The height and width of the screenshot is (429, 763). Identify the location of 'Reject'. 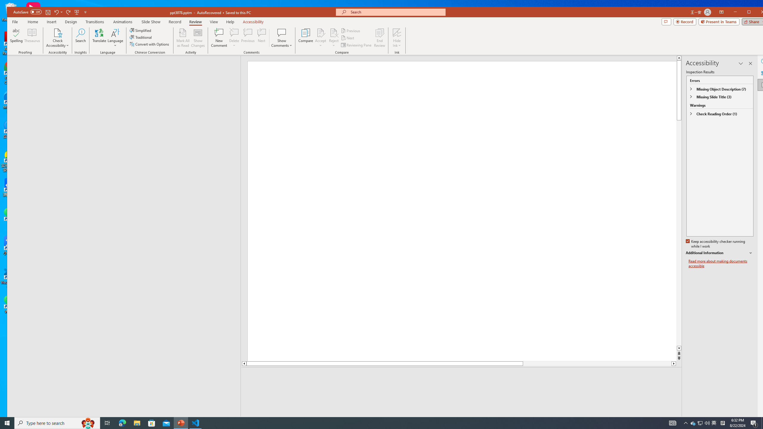
(334, 38).